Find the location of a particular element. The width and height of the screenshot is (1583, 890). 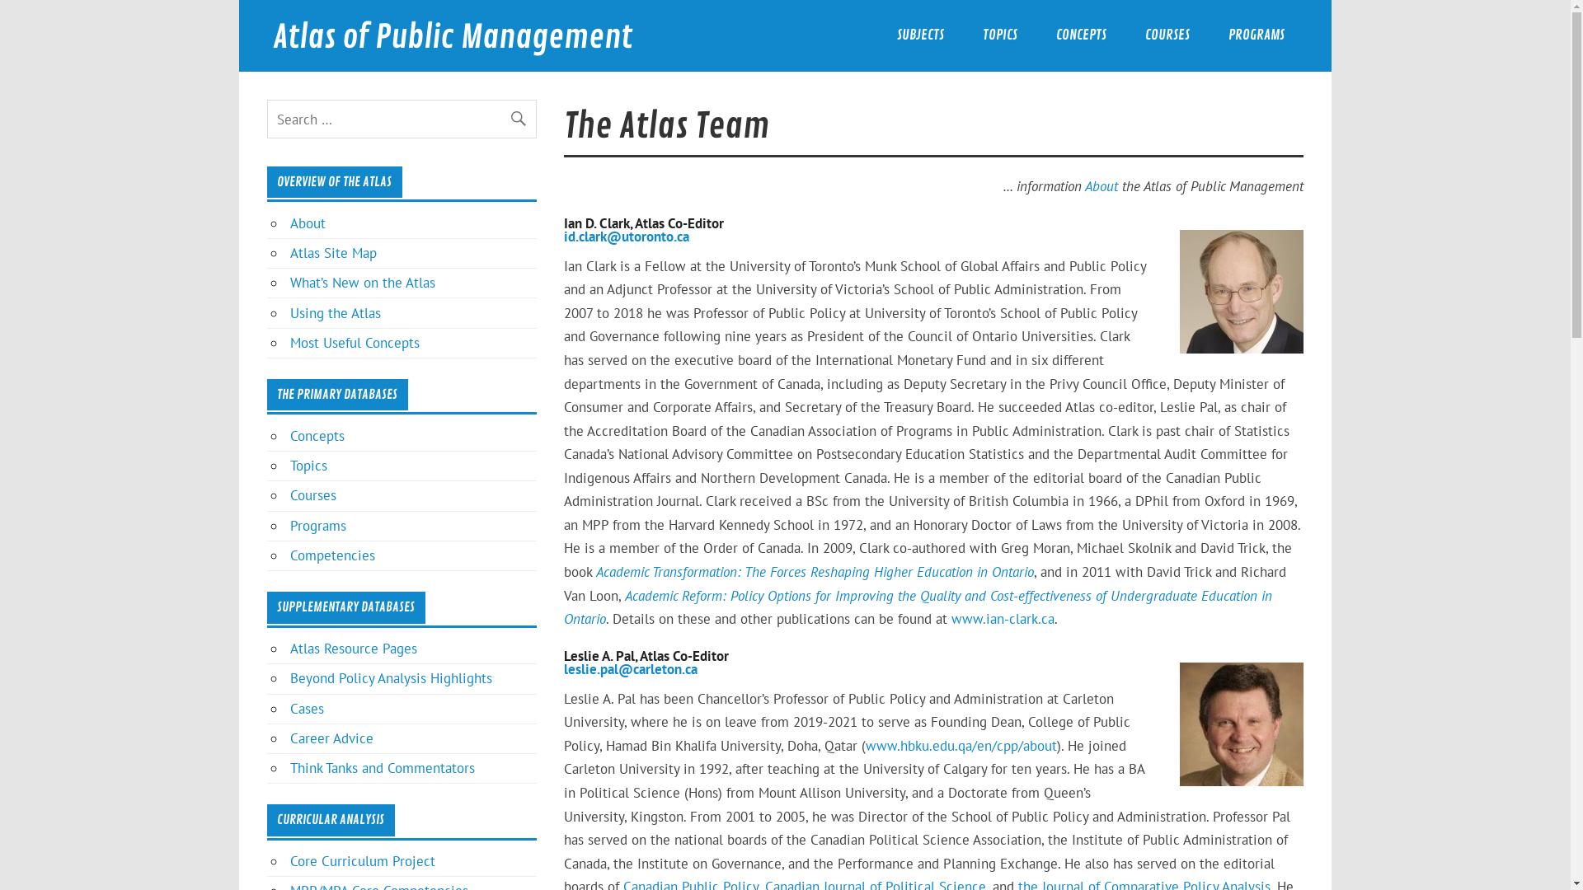

'Competencies' is located at coordinates (331, 555).